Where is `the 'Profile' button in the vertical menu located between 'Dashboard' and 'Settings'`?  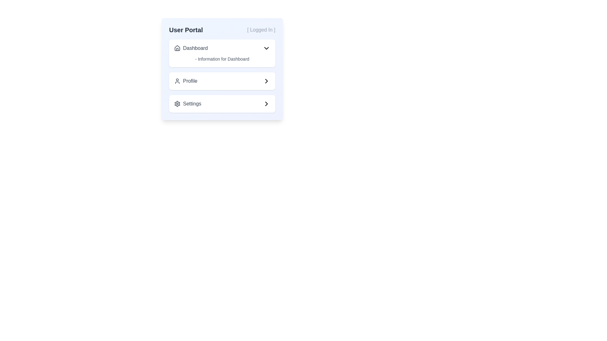
the 'Profile' button in the vertical menu located between 'Dashboard' and 'Settings' is located at coordinates (222, 81).